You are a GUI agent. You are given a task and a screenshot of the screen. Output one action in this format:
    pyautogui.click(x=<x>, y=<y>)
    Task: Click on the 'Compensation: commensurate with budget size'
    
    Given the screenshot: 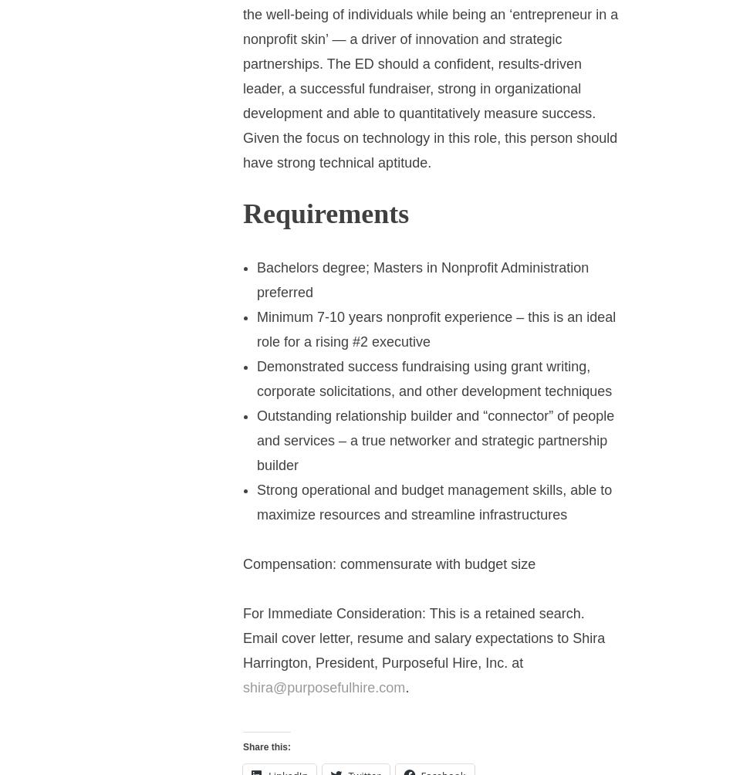 What is the action you would take?
    pyautogui.click(x=389, y=563)
    